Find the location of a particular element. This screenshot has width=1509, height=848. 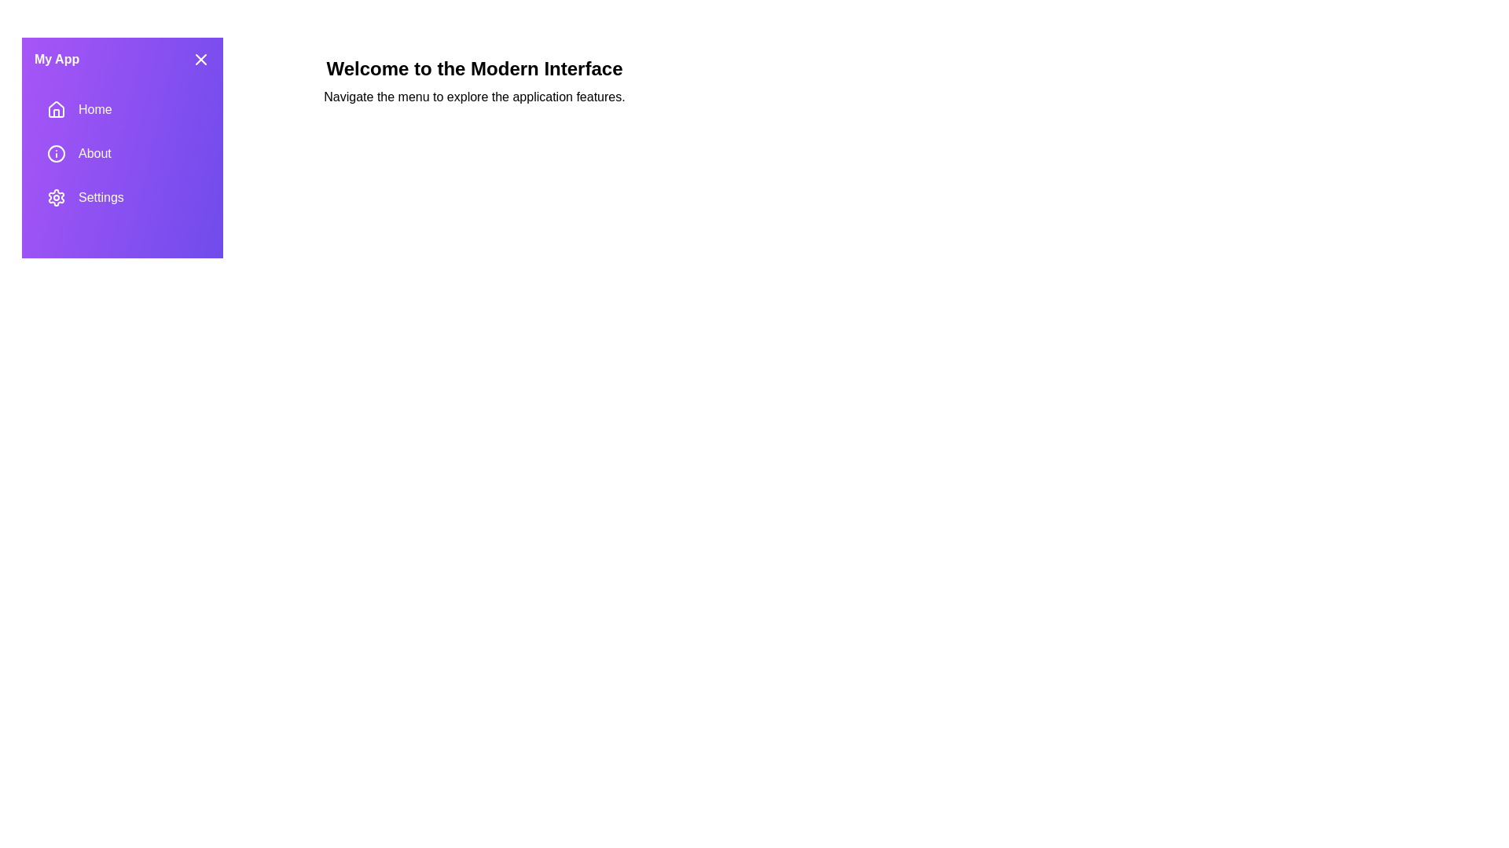

the drawer section labeled About is located at coordinates (122, 154).